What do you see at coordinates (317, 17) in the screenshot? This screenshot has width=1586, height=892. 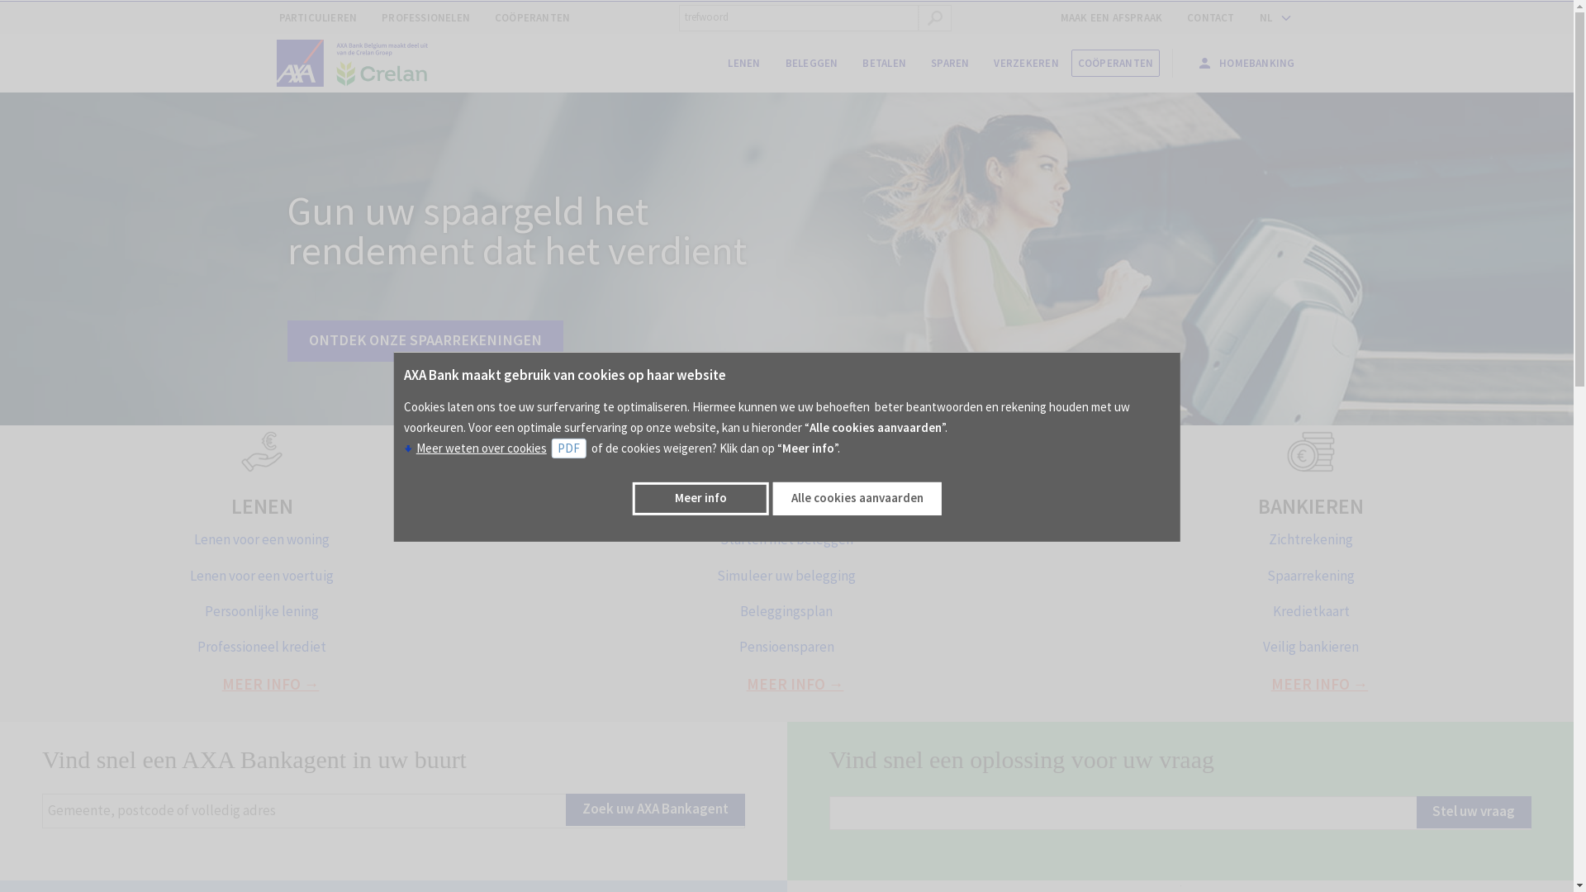 I see `'PARTICULIEREN'` at bounding box center [317, 17].